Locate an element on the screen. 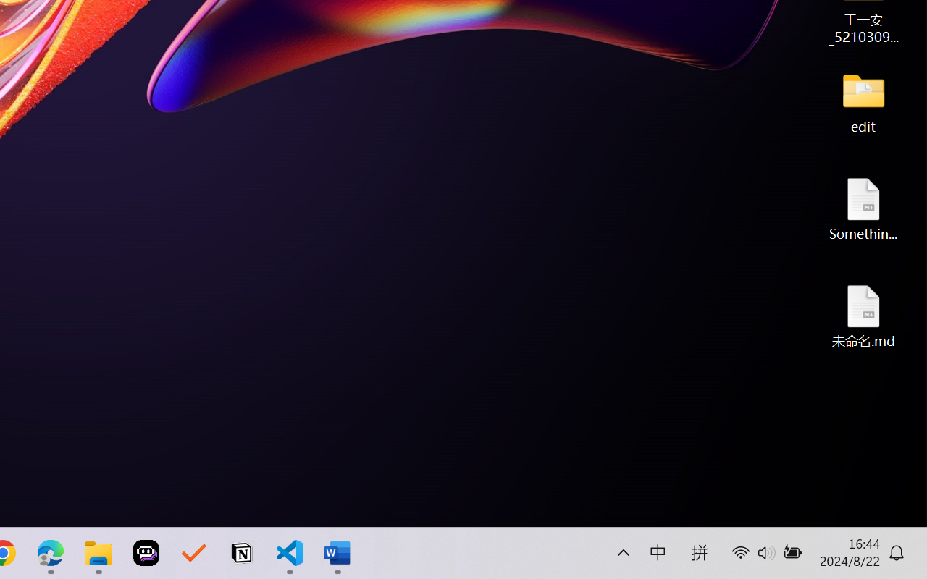 This screenshot has height=579, width=927. 'edit' is located at coordinates (863, 101).